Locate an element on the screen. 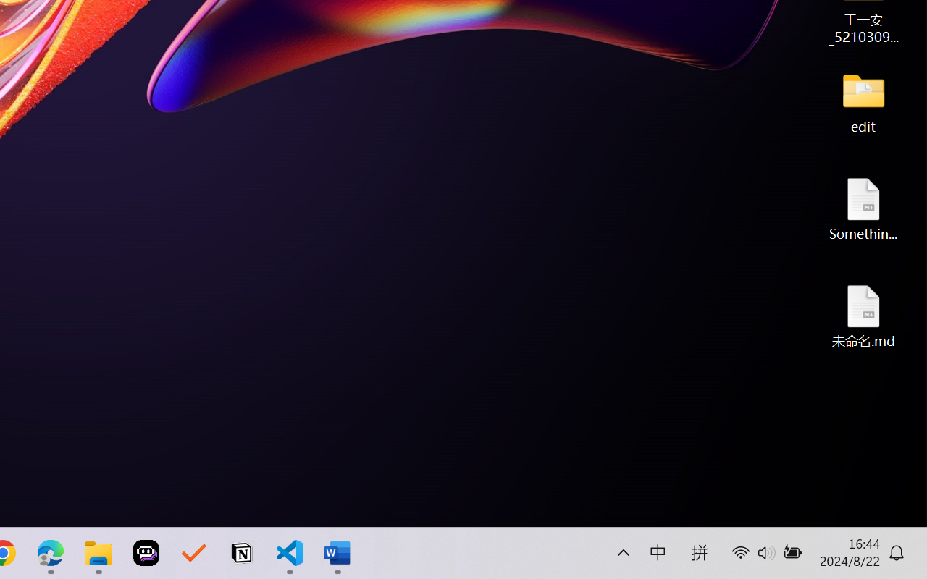 This screenshot has height=579, width=927. 'edit' is located at coordinates (863, 101).